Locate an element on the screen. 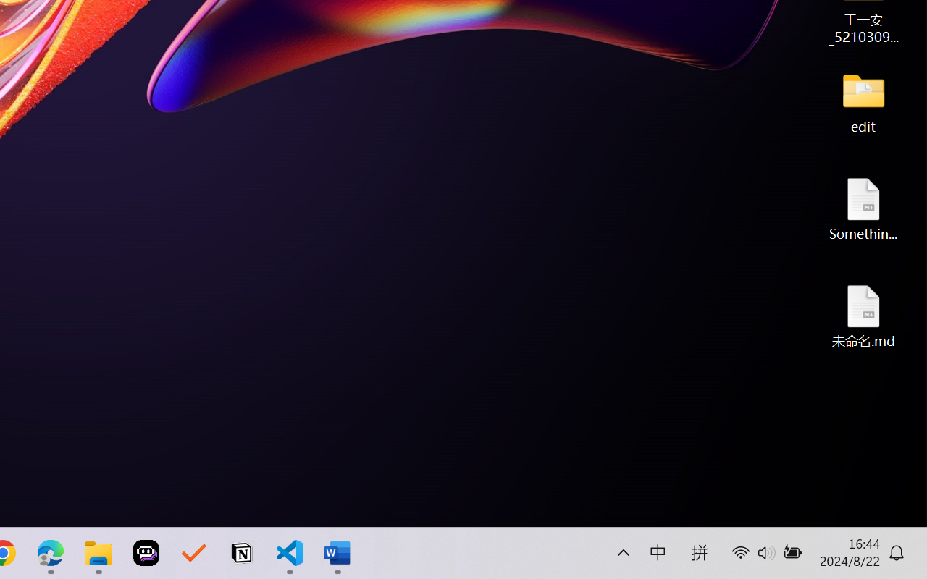 This screenshot has height=579, width=927. 'edit' is located at coordinates (863, 101).